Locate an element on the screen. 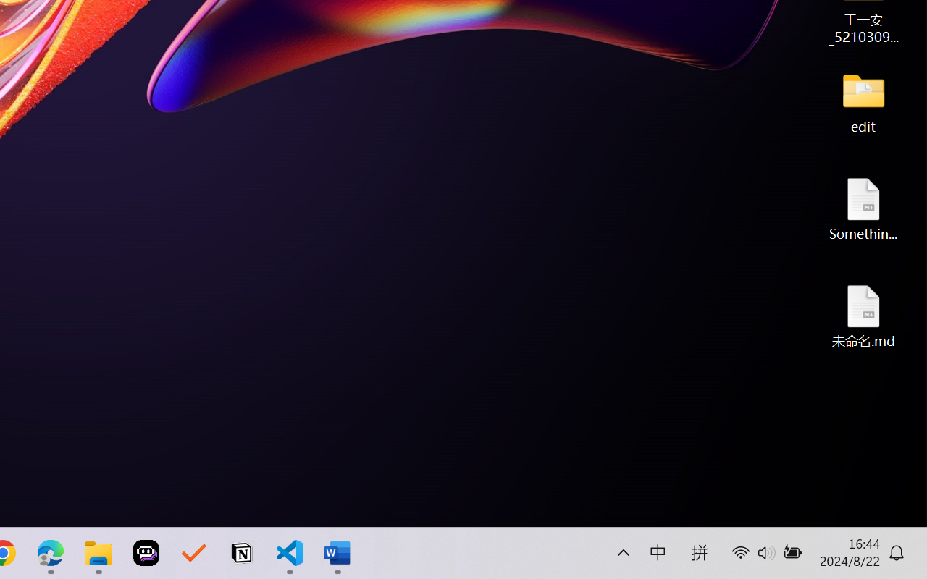 This screenshot has height=579, width=927. 'edit' is located at coordinates (863, 101).